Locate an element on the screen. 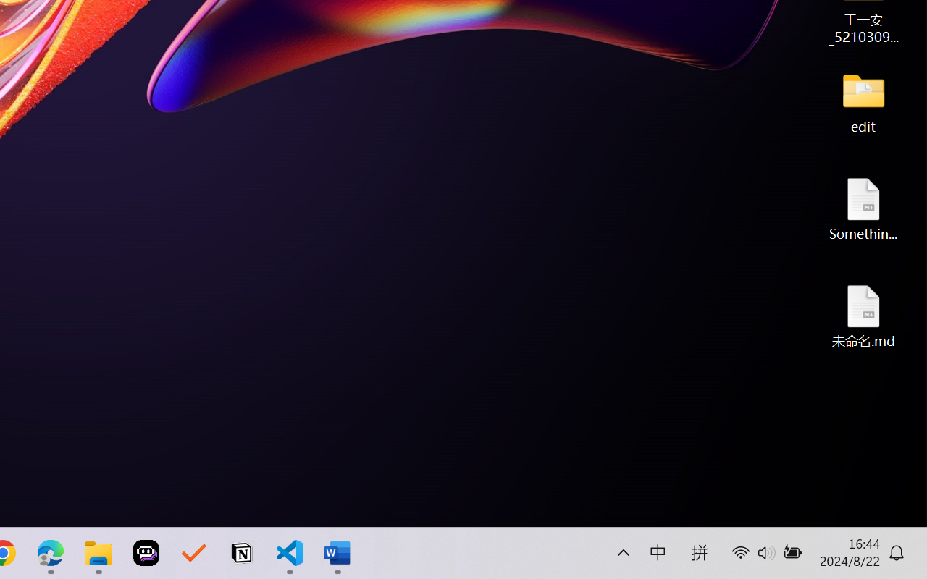 This screenshot has height=579, width=927. 'edit' is located at coordinates (863, 101).